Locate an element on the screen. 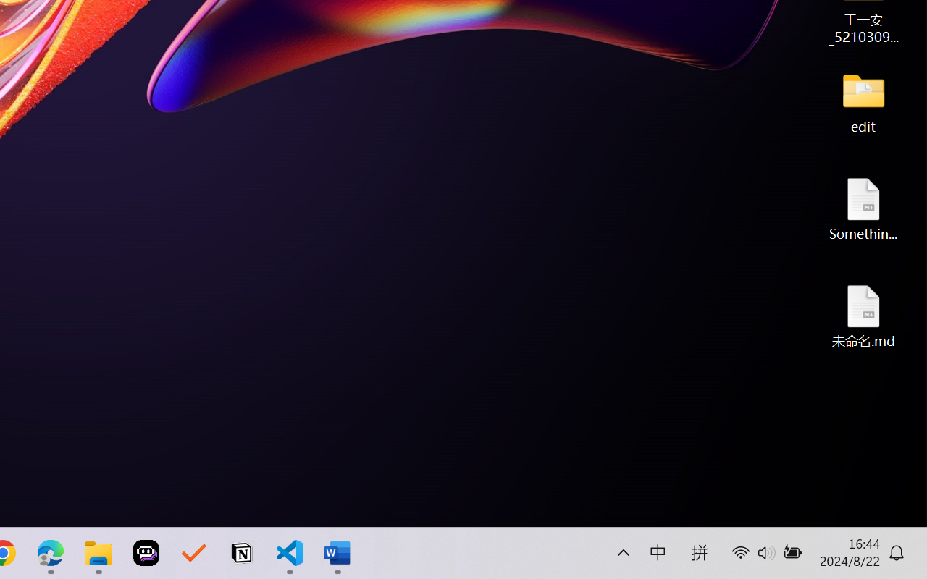 This screenshot has height=579, width=927. 'edit' is located at coordinates (863, 101).